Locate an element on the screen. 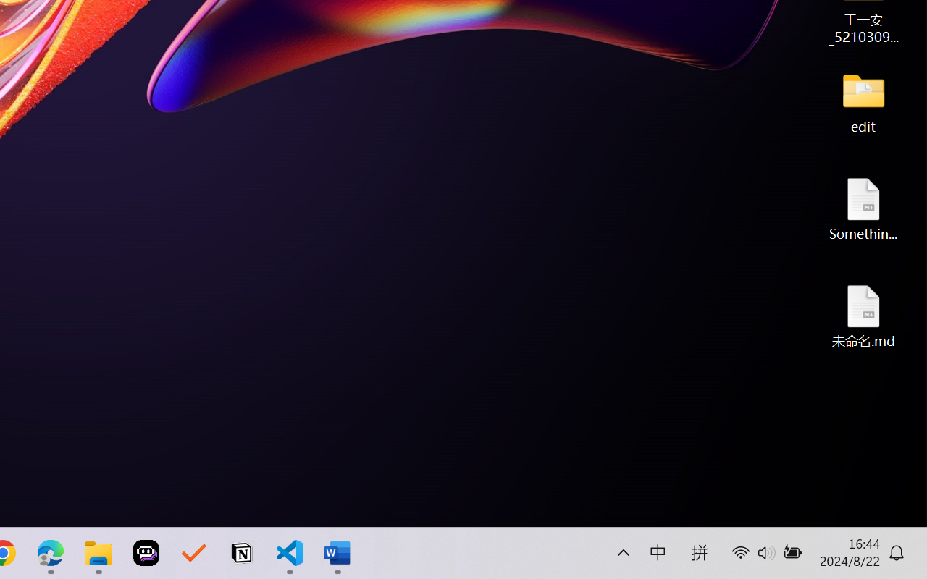 This screenshot has height=579, width=927. 'edit' is located at coordinates (863, 101).